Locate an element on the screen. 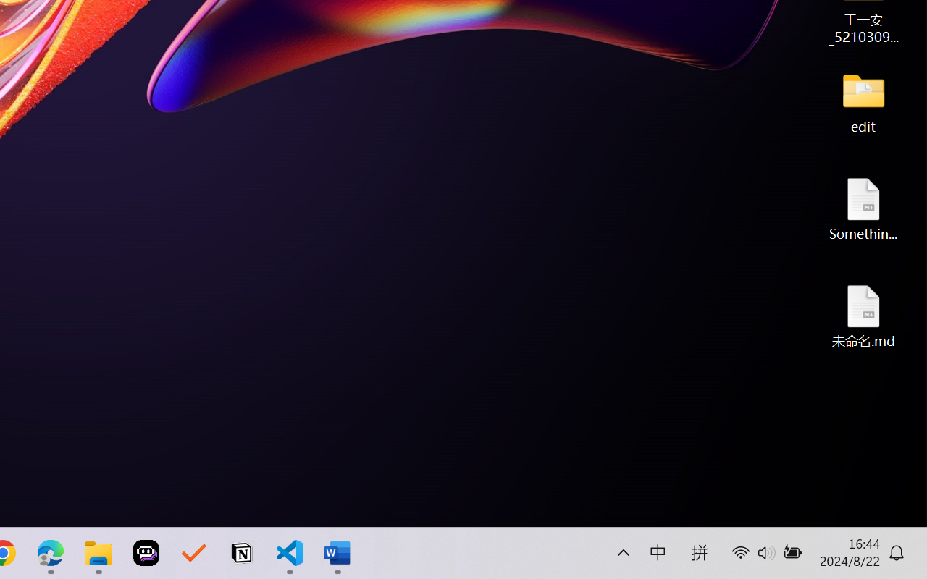 This screenshot has height=579, width=927. 'edit' is located at coordinates (863, 101).